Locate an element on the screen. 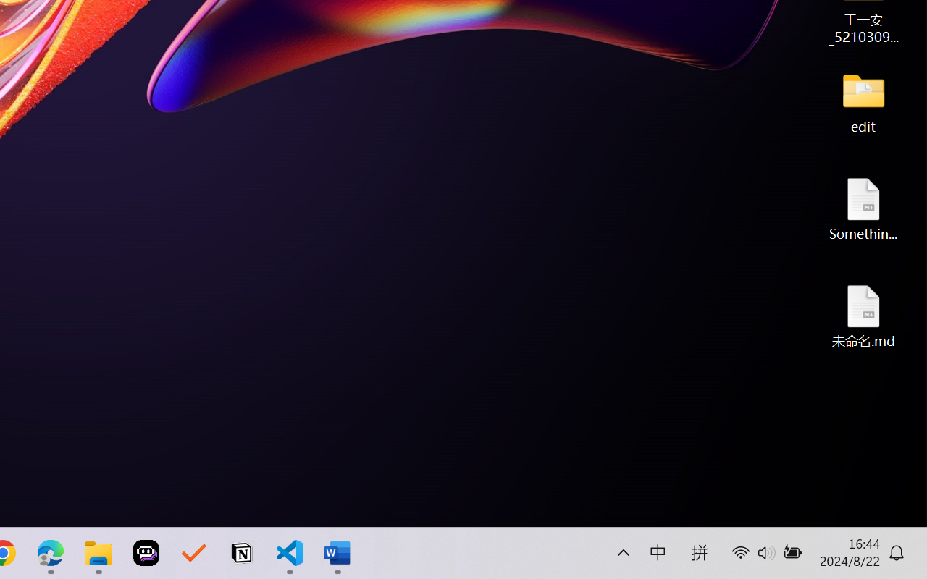 This screenshot has height=579, width=927. 'edit' is located at coordinates (863, 101).